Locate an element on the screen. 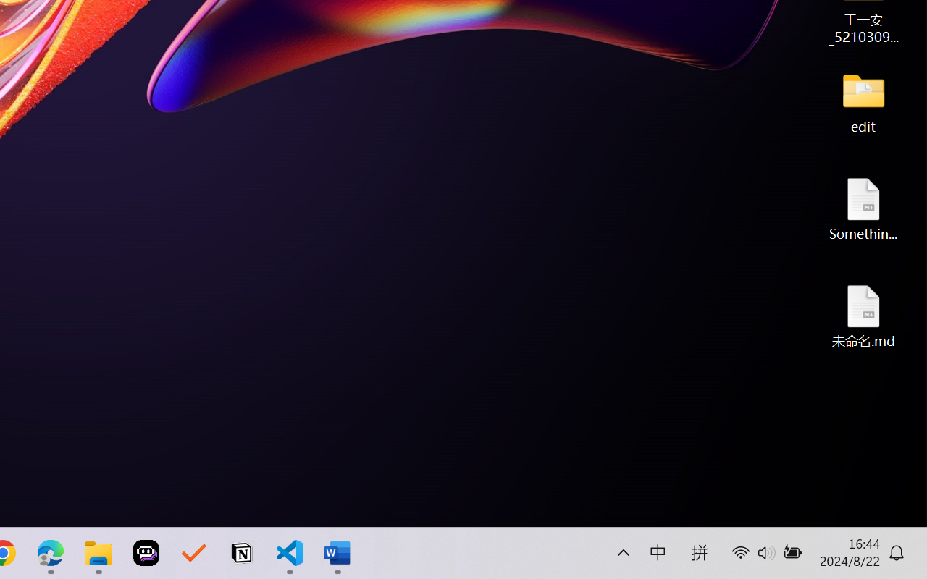 This screenshot has height=579, width=927. 'edit' is located at coordinates (863, 101).